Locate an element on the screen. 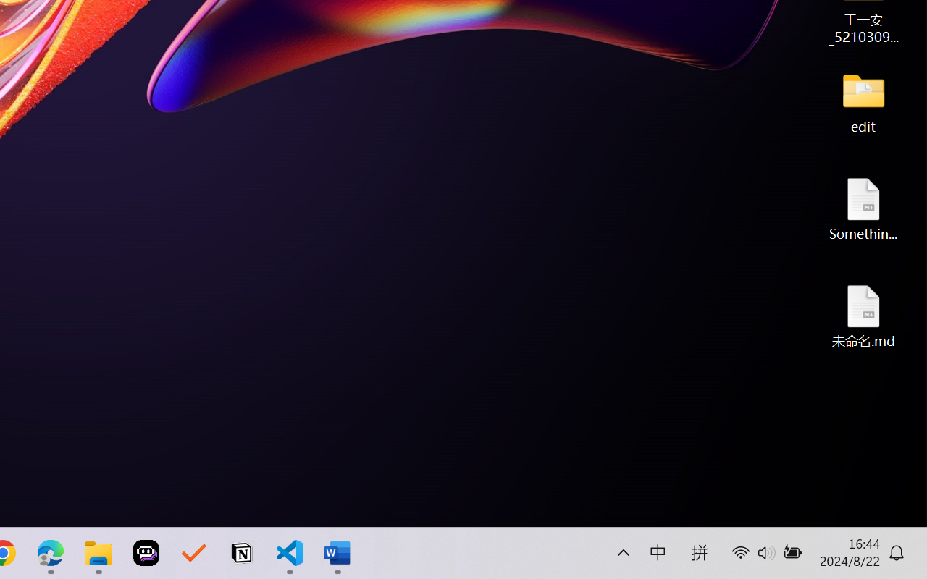 This screenshot has height=579, width=927. 'edit' is located at coordinates (863, 101).